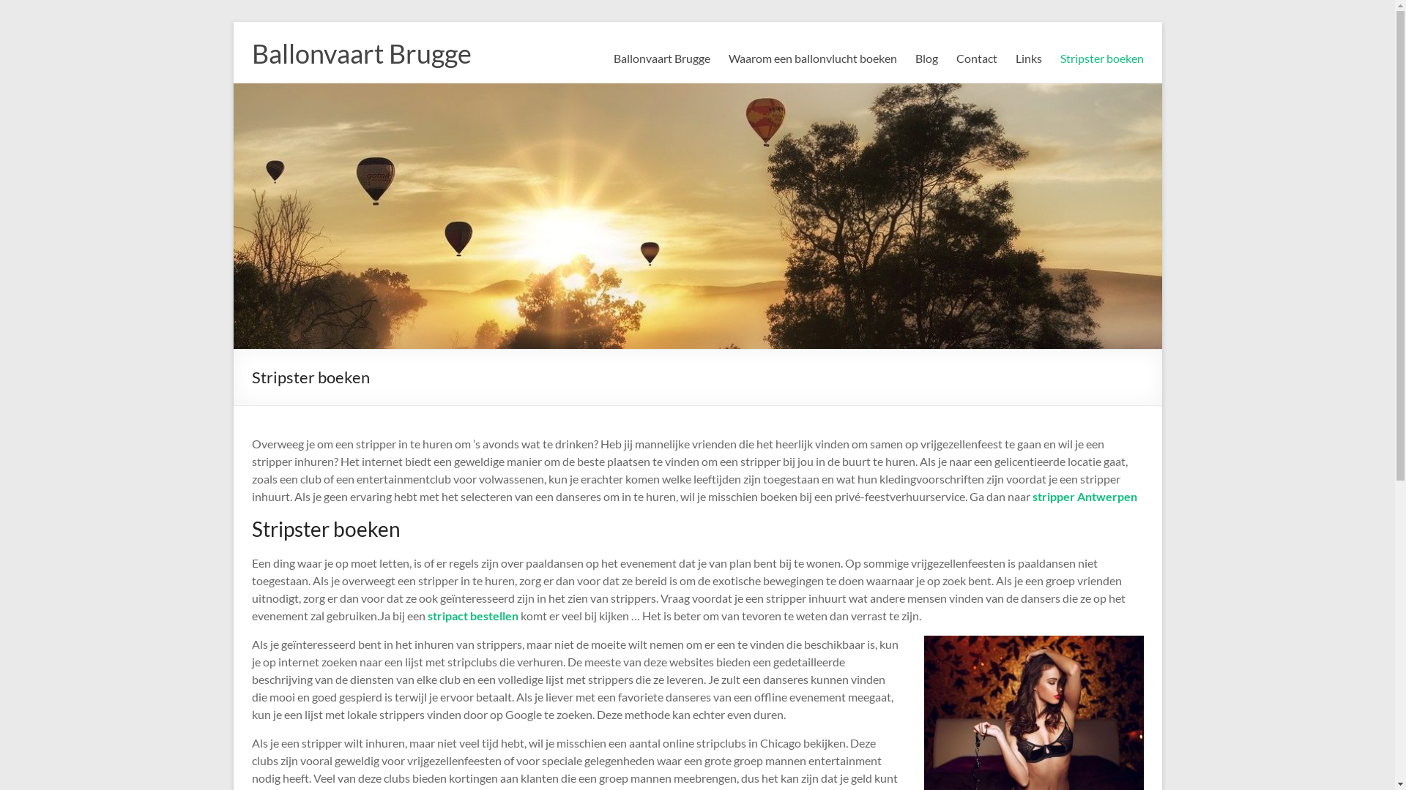 The image size is (1406, 790). I want to click on 'Ballonvaart Brugge', so click(661, 58).